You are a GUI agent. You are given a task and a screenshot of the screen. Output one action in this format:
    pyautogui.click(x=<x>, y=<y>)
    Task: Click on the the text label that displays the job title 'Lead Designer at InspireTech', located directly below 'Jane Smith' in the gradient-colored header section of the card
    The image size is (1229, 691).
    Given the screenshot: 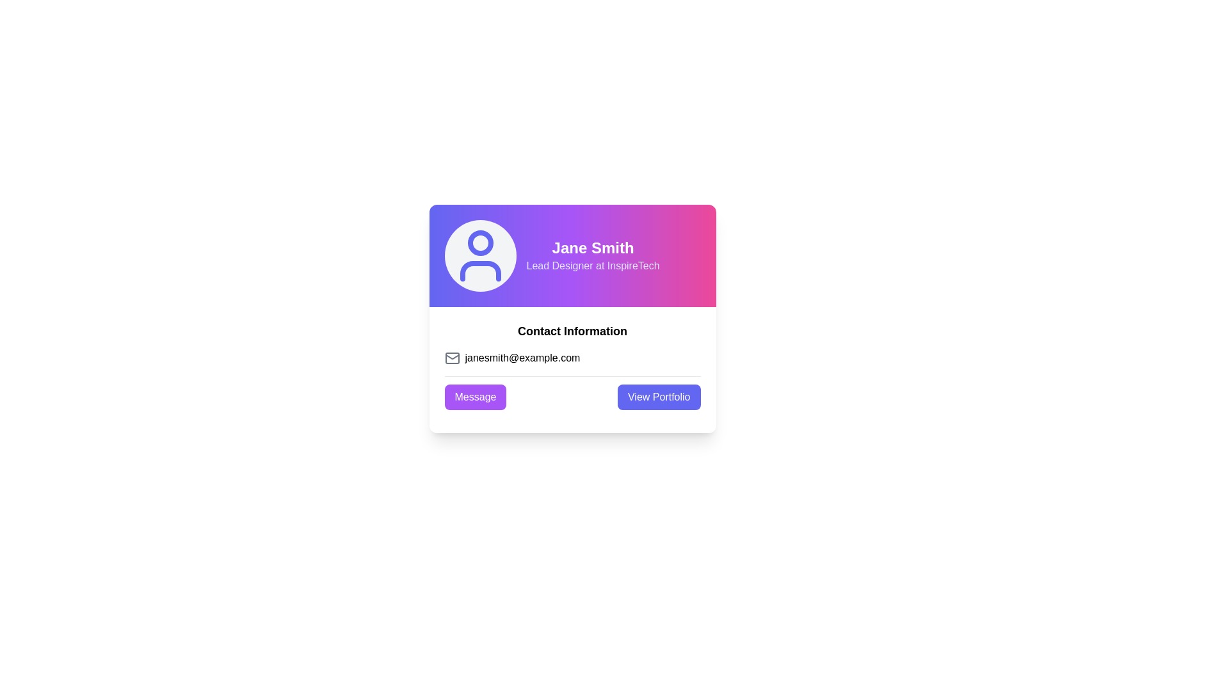 What is the action you would take?
    pyautogui.click(x=592, y=266)
    